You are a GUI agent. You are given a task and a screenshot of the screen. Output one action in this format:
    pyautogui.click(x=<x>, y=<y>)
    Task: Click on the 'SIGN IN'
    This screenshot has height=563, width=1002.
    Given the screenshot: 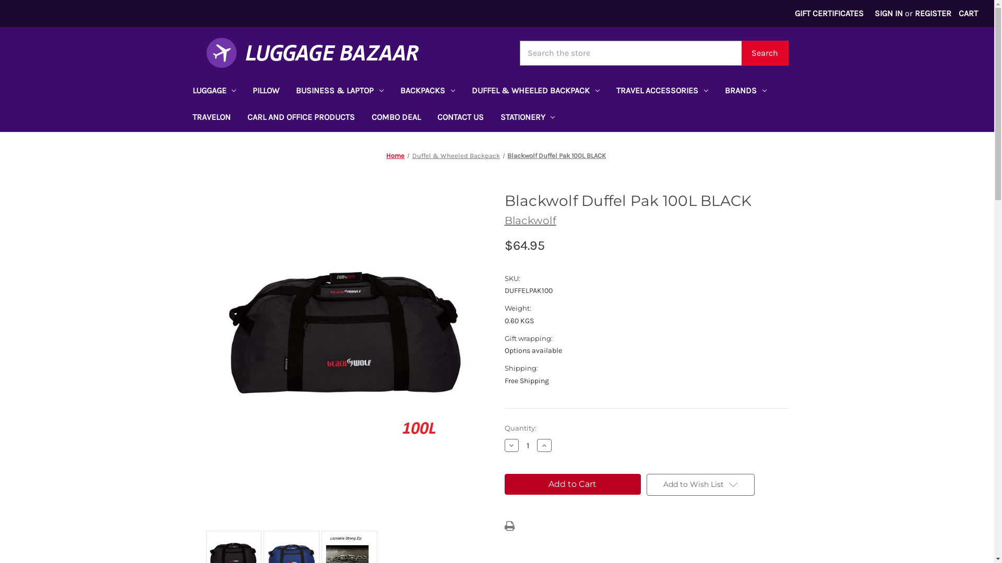 What is the action you would take?
    pyautogui.click(x=888, y=14)
    